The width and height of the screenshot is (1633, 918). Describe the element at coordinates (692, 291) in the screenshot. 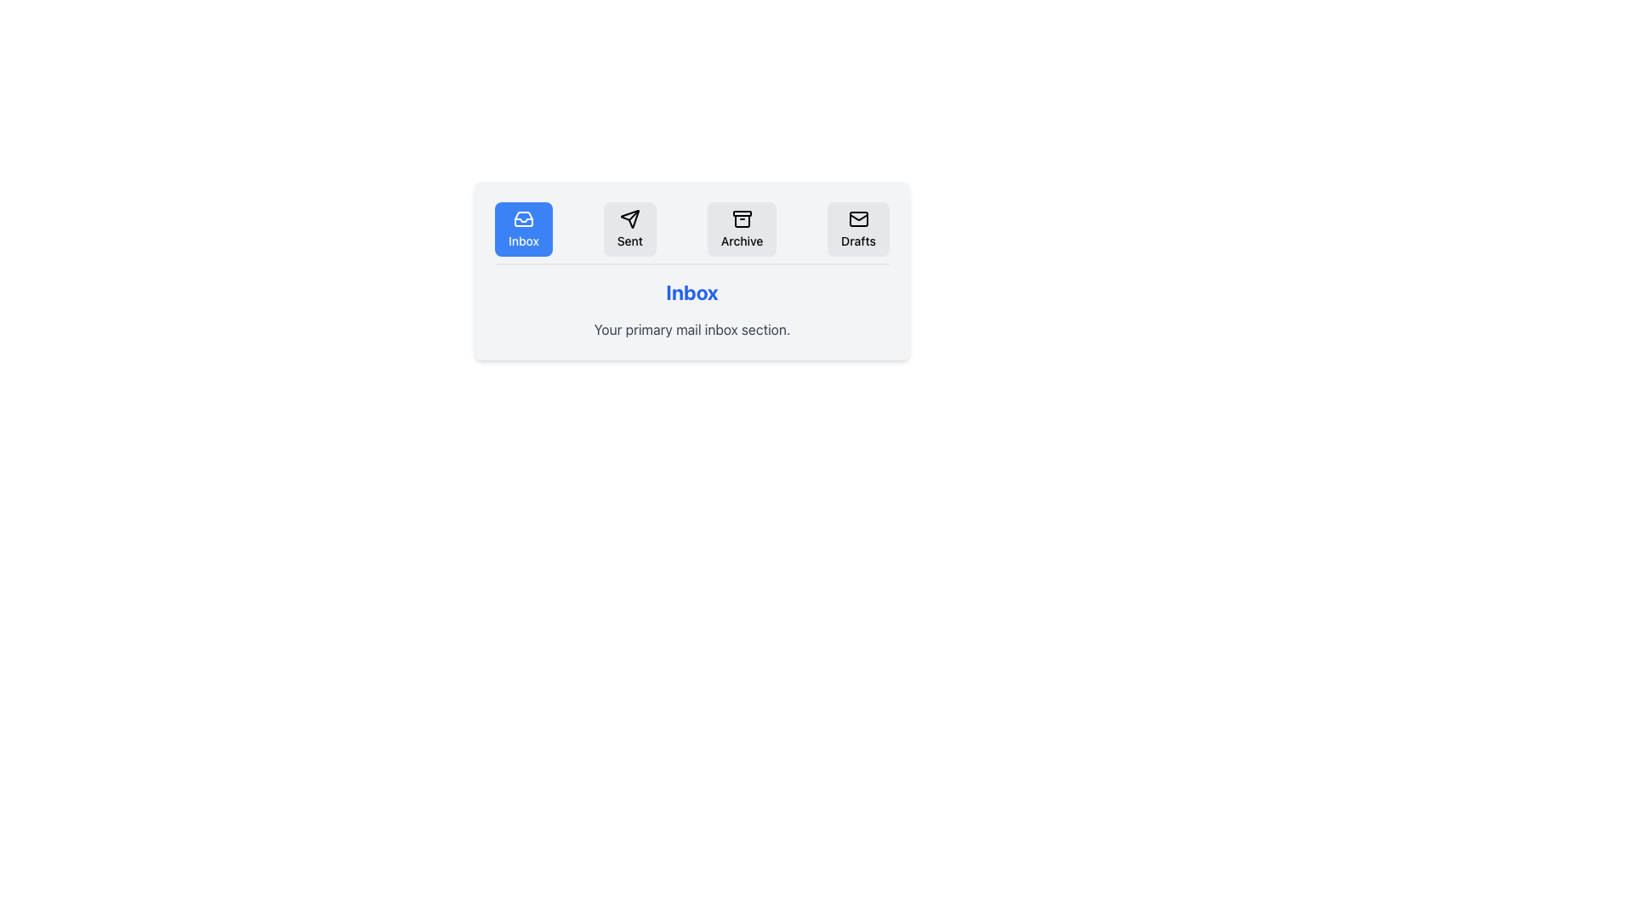

I see `the bold blue text label reading 'Inbox', which is styled with a large font size and is centrally located beneath the tab-like sections` at that location.